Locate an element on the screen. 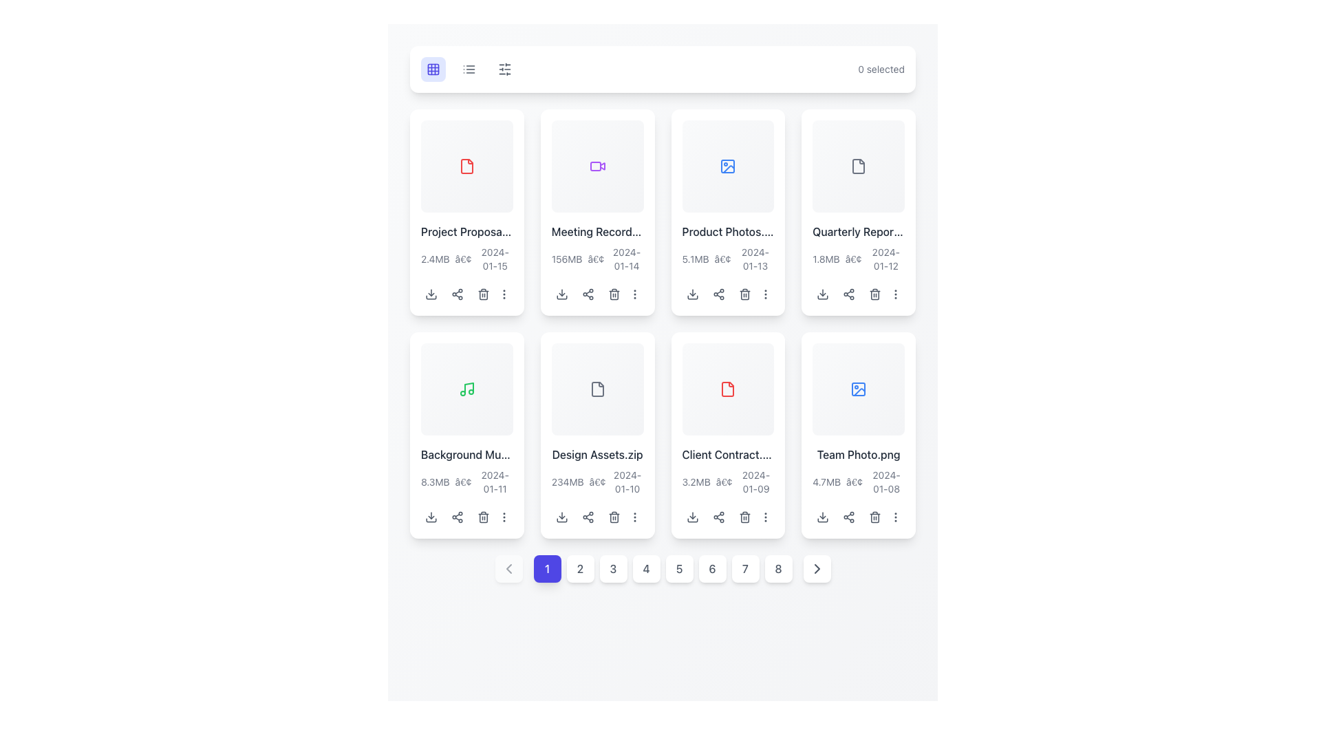 The image size is (1321, 743). the square button with a white background and gray text displaying the number '5' is located at coordinates (679, 568).